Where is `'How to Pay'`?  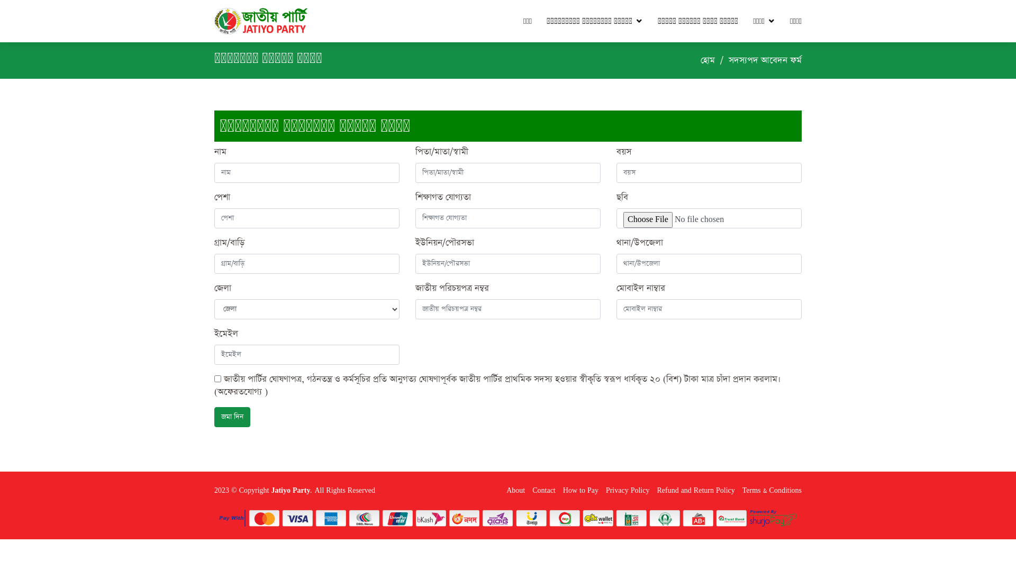
'How to Pay' is located at coordinates (577, 491).